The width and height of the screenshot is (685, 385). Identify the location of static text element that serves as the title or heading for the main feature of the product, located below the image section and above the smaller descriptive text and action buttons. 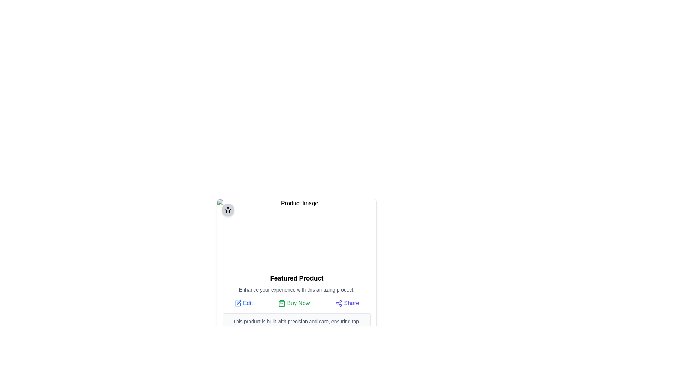
(296, 278).